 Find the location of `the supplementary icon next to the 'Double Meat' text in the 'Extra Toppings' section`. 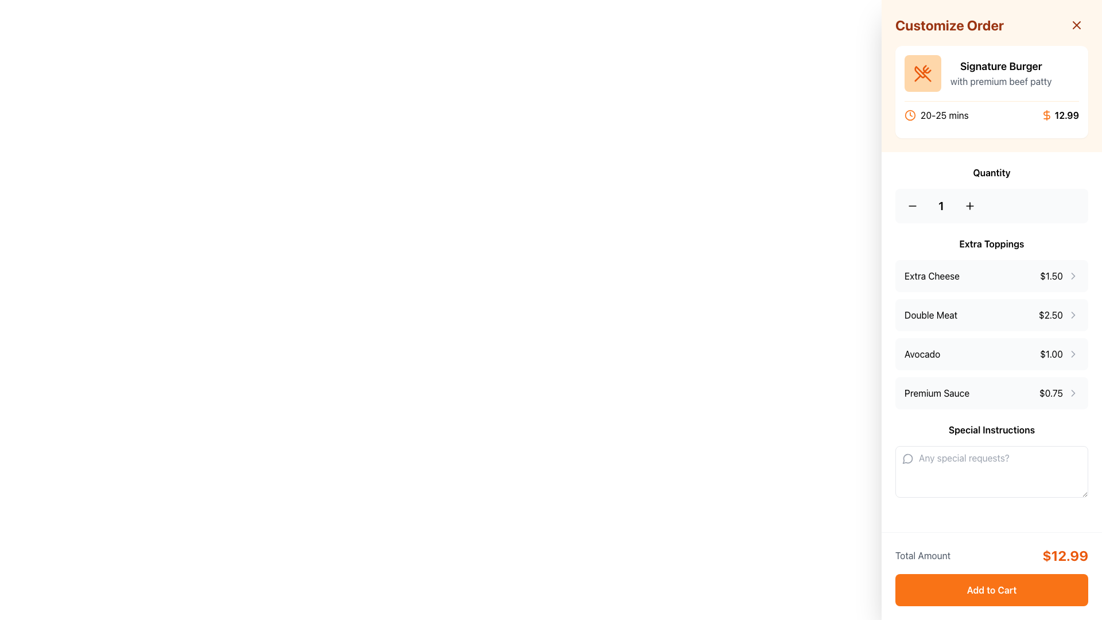

the supplementary icon next to the 'Double Meat' text in the 'Extra Toppings' section is located at coordinates (1058, 315).